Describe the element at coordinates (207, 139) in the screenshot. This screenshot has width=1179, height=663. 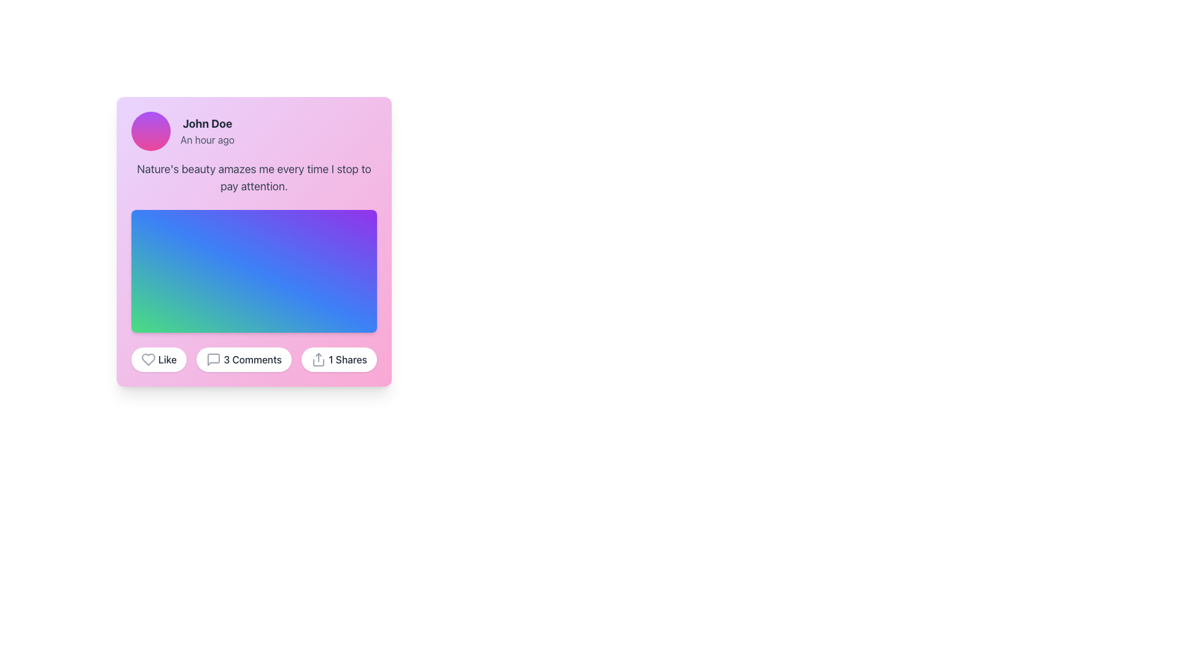
I see `text snippet that reads 'An hour ago', which is styled in a small gray font and located directly beneath the bold name 'John Doe' within the user post card layout` at that location.